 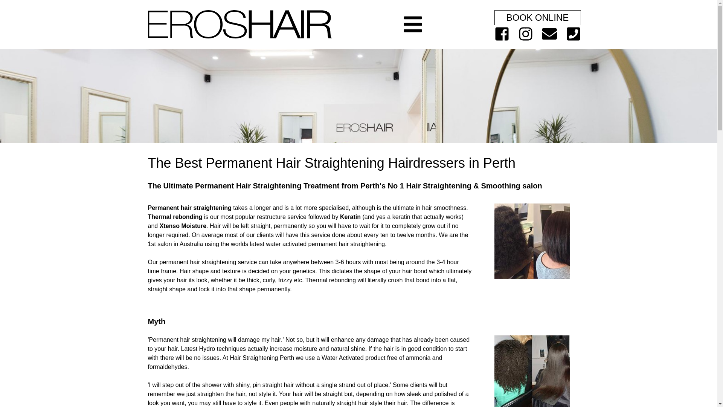 I want to click on 'BOOK ONLINE', so click(x=537, y=17).